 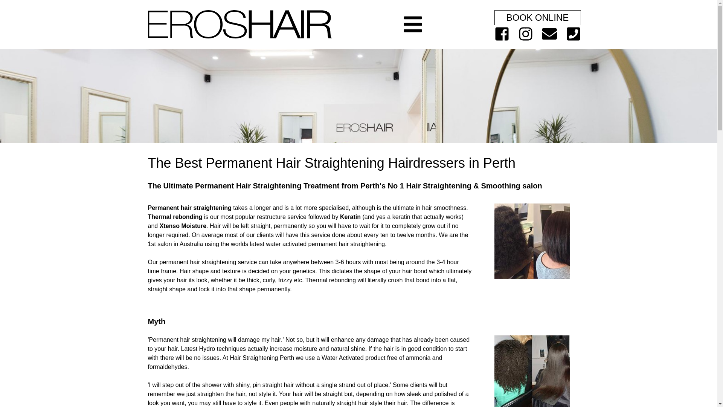 I want to click on 'BOOK ONLINE', so click(x=537, y=17).